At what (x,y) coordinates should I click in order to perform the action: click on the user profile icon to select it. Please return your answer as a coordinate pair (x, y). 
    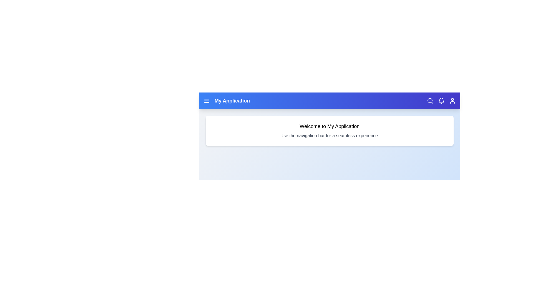
    Looking at the image, I should click on (452, 101).